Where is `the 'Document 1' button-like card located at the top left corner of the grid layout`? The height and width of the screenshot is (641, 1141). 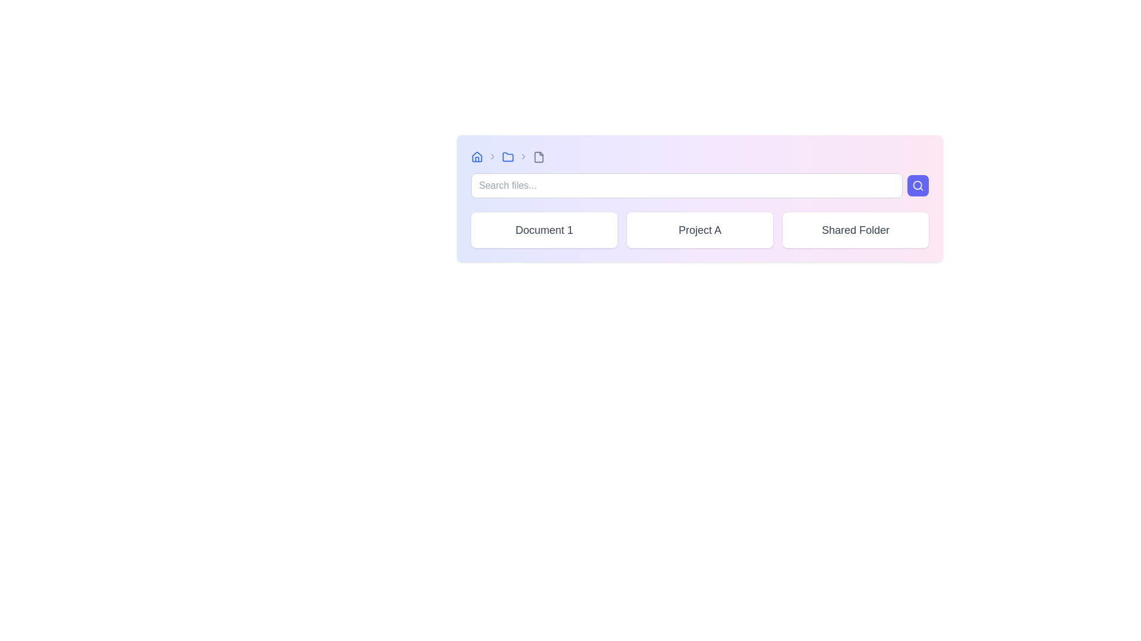
the 'Document 1' button-like card located at the top left corner of the grid layout is located at coordinates (544, 230).